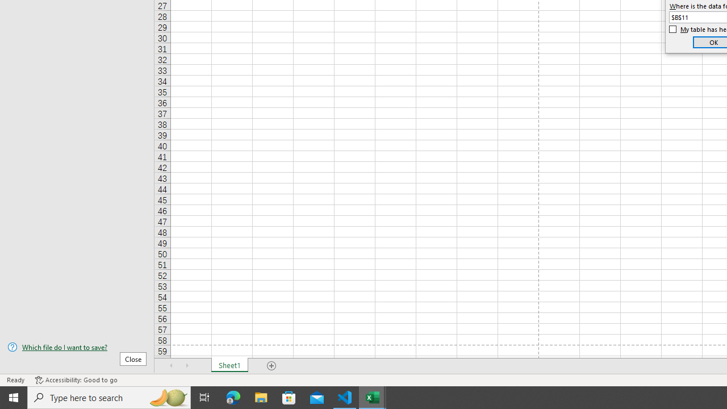 Image resolution: width=727 pixels, height=409 pixels. What do you see at coordinates (133, 358) in the screenshot?
I see `'Close'` at bounding box center [133, 358].